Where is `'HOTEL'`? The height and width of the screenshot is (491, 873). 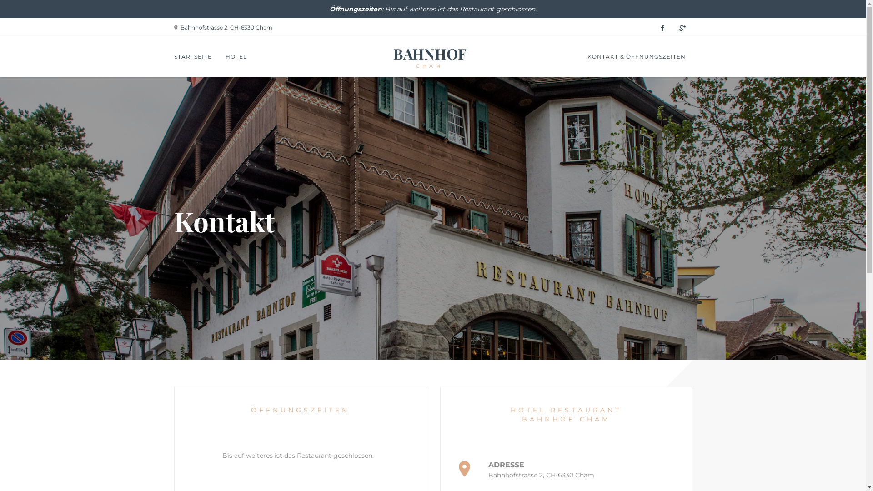 'HOTEL' is located at coordinates (218, 56).